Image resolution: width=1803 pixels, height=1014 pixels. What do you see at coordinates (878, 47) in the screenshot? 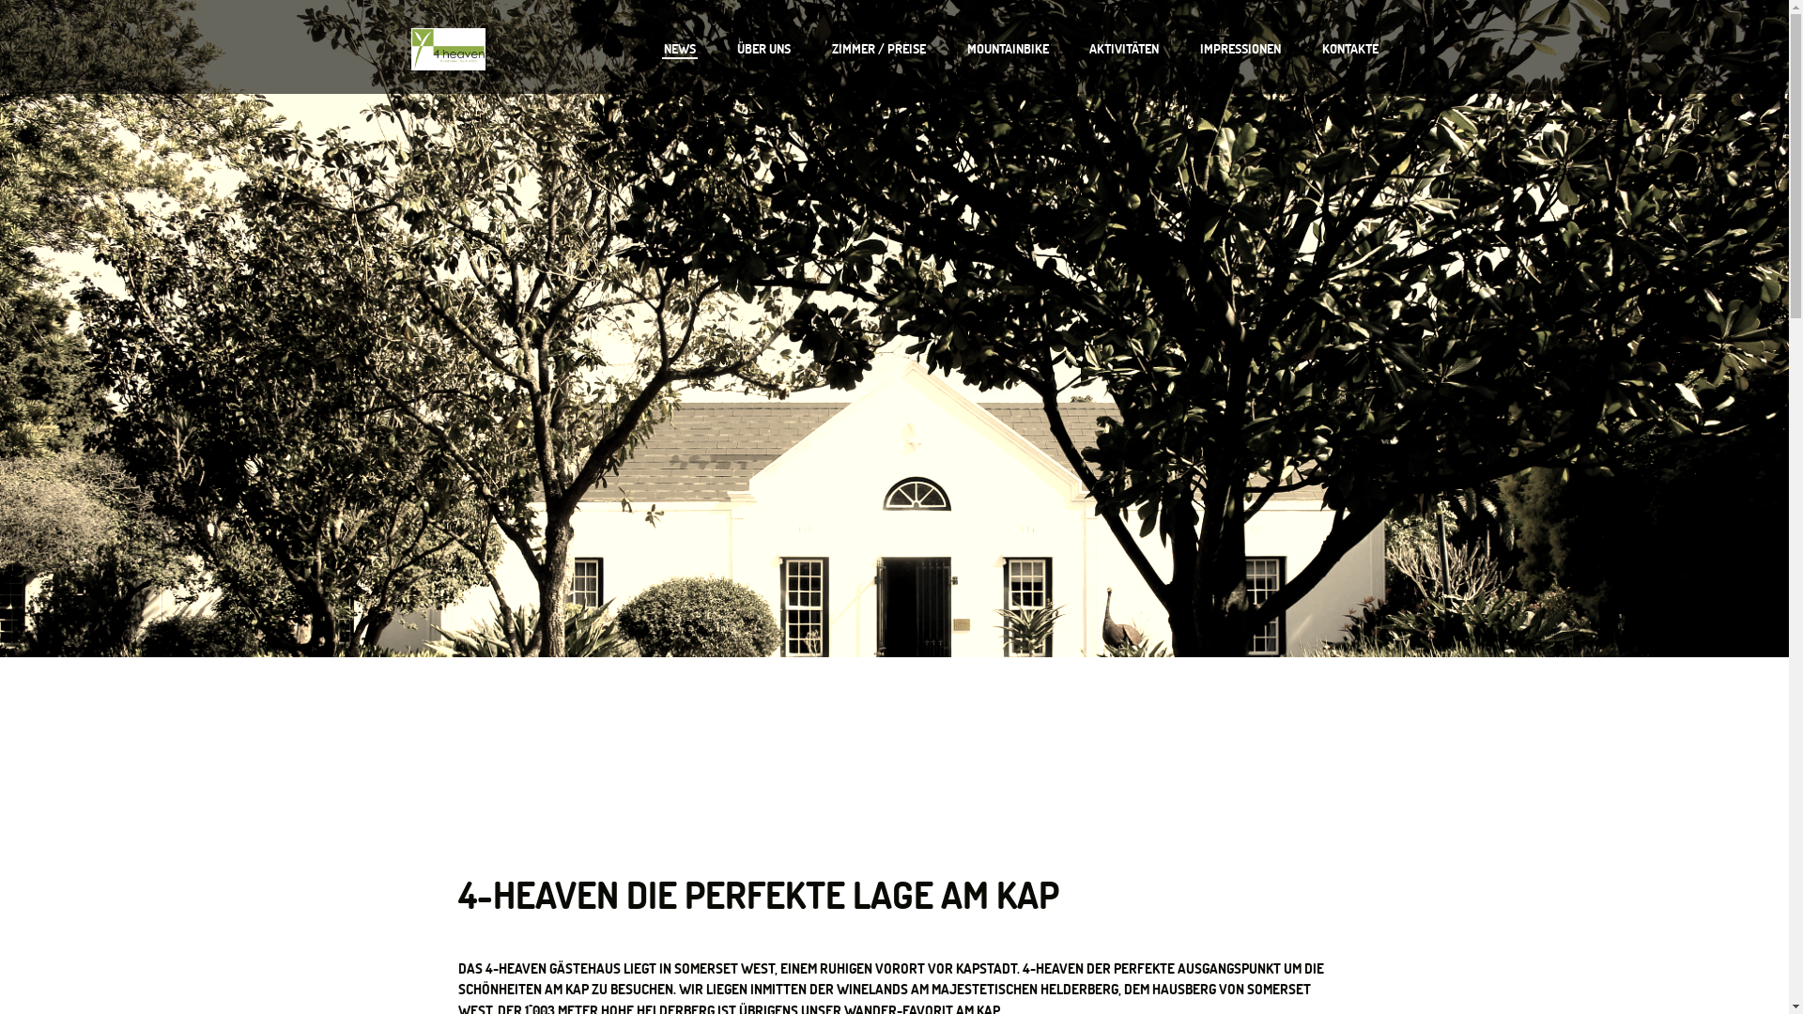
I see `'ZIMMER / PREISE'` at bounding box center [878, 47].